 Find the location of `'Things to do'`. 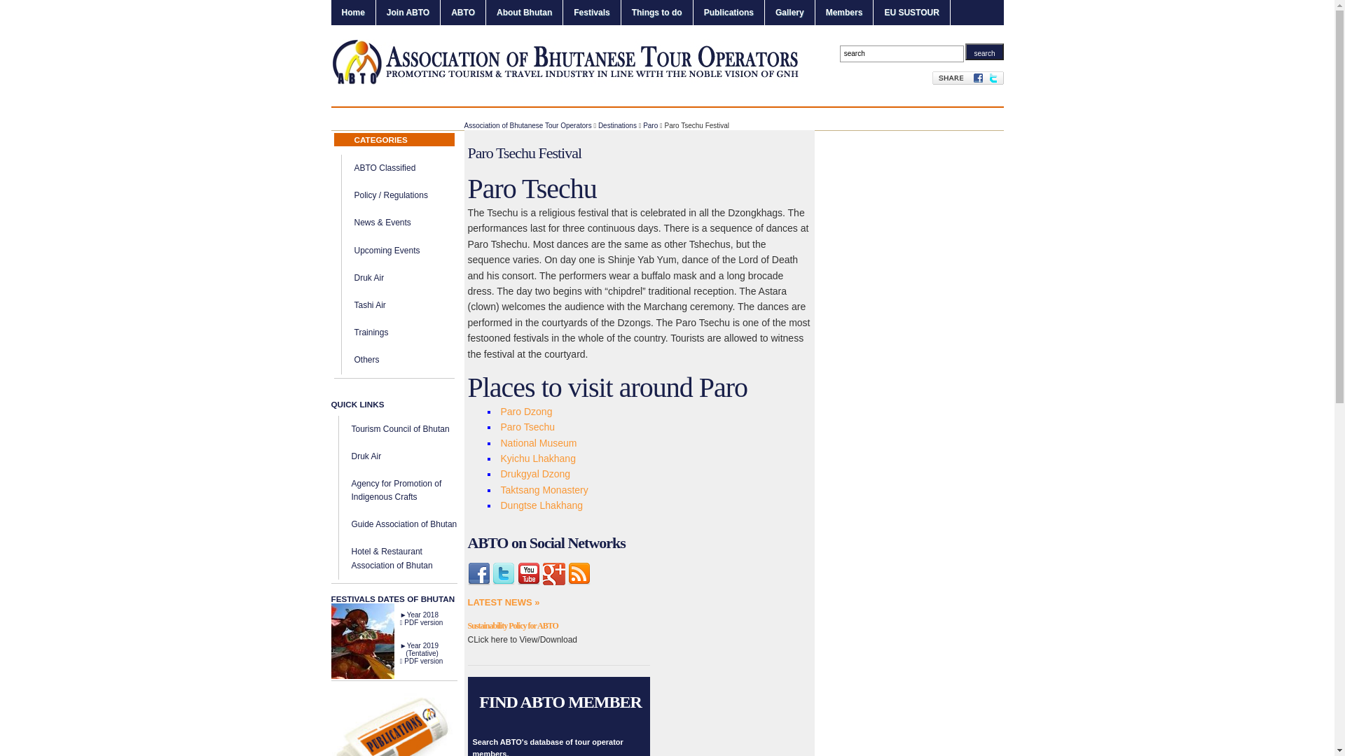

'Things to do' is located at coordinates (656, 13).